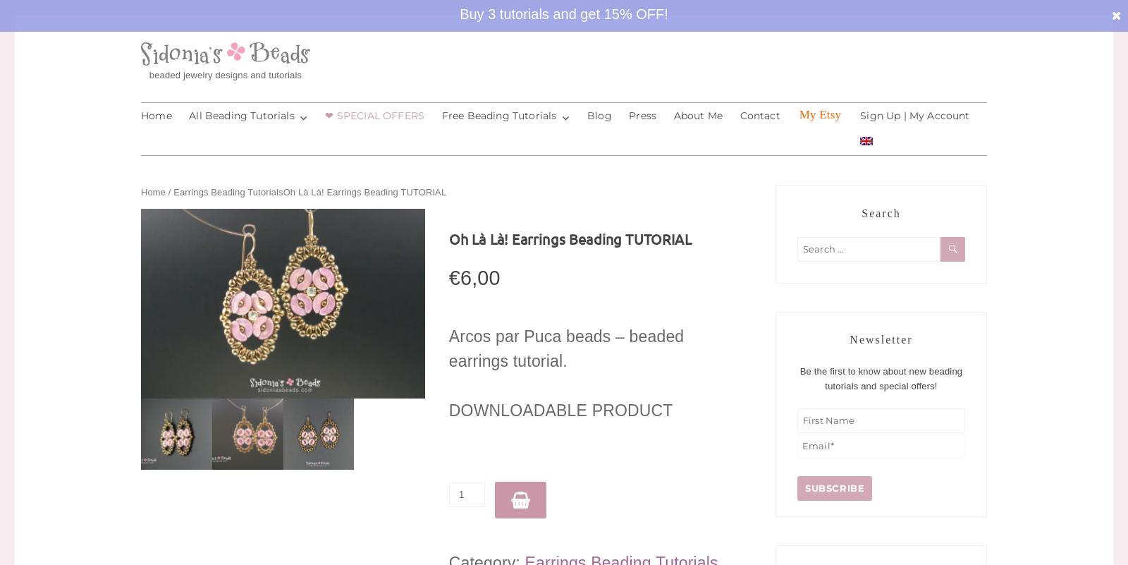 This screenshot has width=1128, height=565. I want to click on 'Contact', so click(759, 115).